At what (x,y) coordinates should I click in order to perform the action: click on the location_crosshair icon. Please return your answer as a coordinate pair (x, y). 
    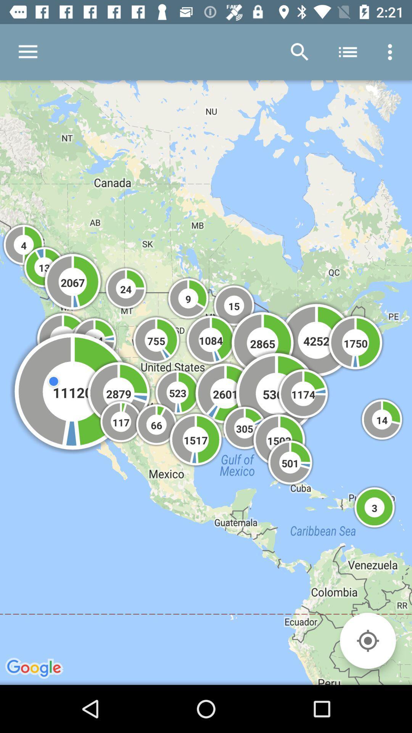
    Looking at the image, I should click on (367, 641).